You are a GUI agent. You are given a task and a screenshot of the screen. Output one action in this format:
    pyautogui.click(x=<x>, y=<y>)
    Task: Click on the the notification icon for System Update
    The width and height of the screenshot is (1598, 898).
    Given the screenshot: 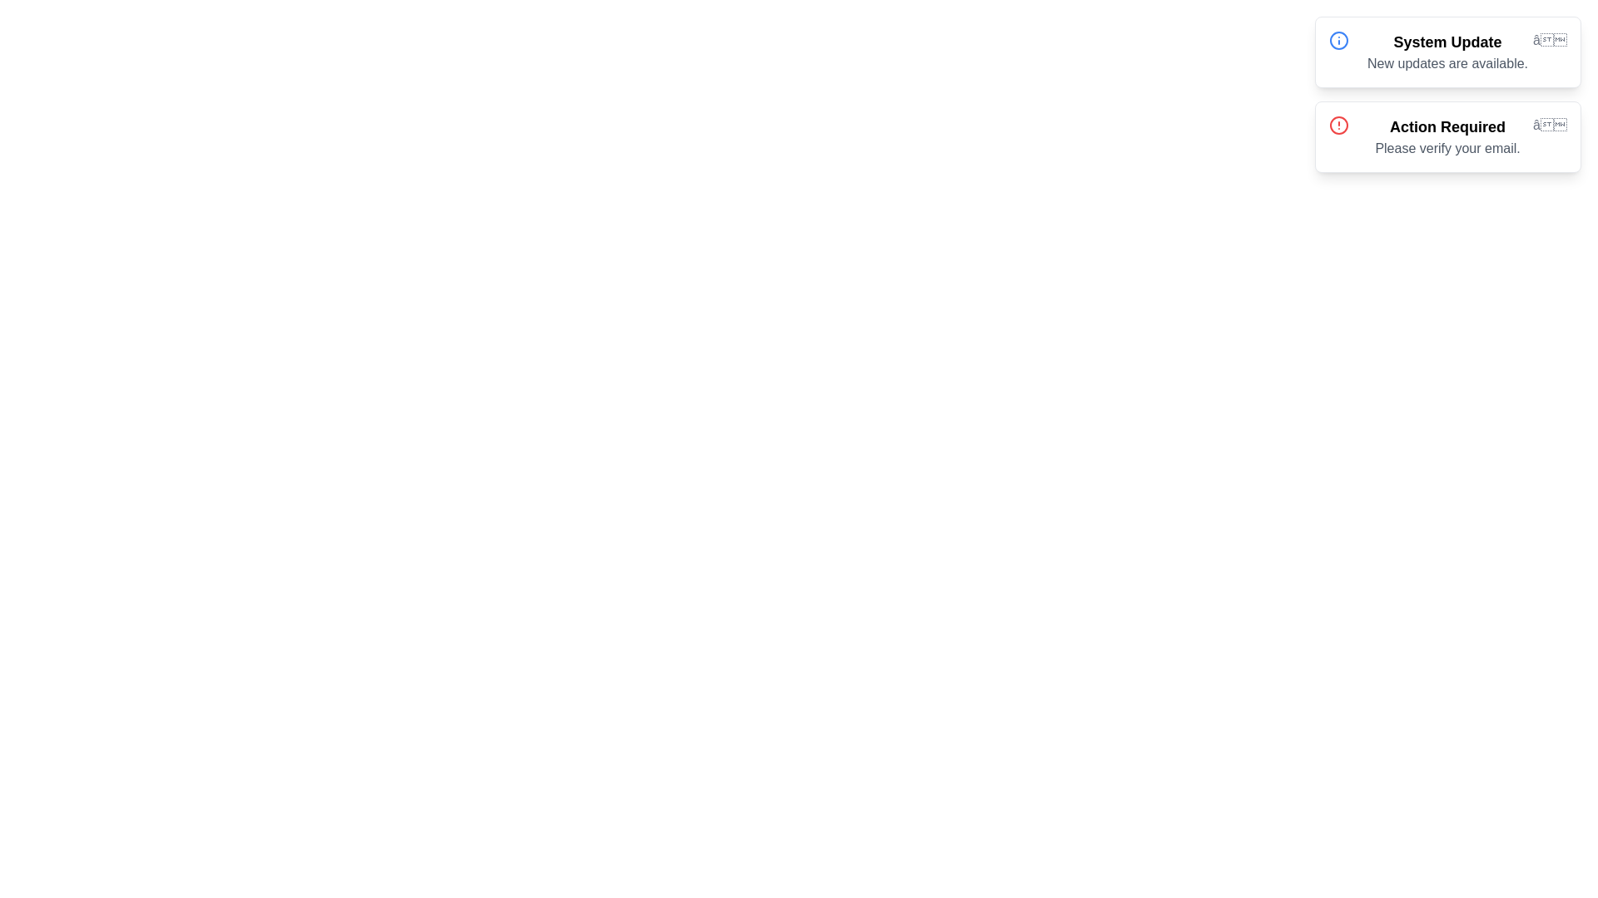 What is the action you would take?
    pyautogui.click(x=1549, y=40)
    